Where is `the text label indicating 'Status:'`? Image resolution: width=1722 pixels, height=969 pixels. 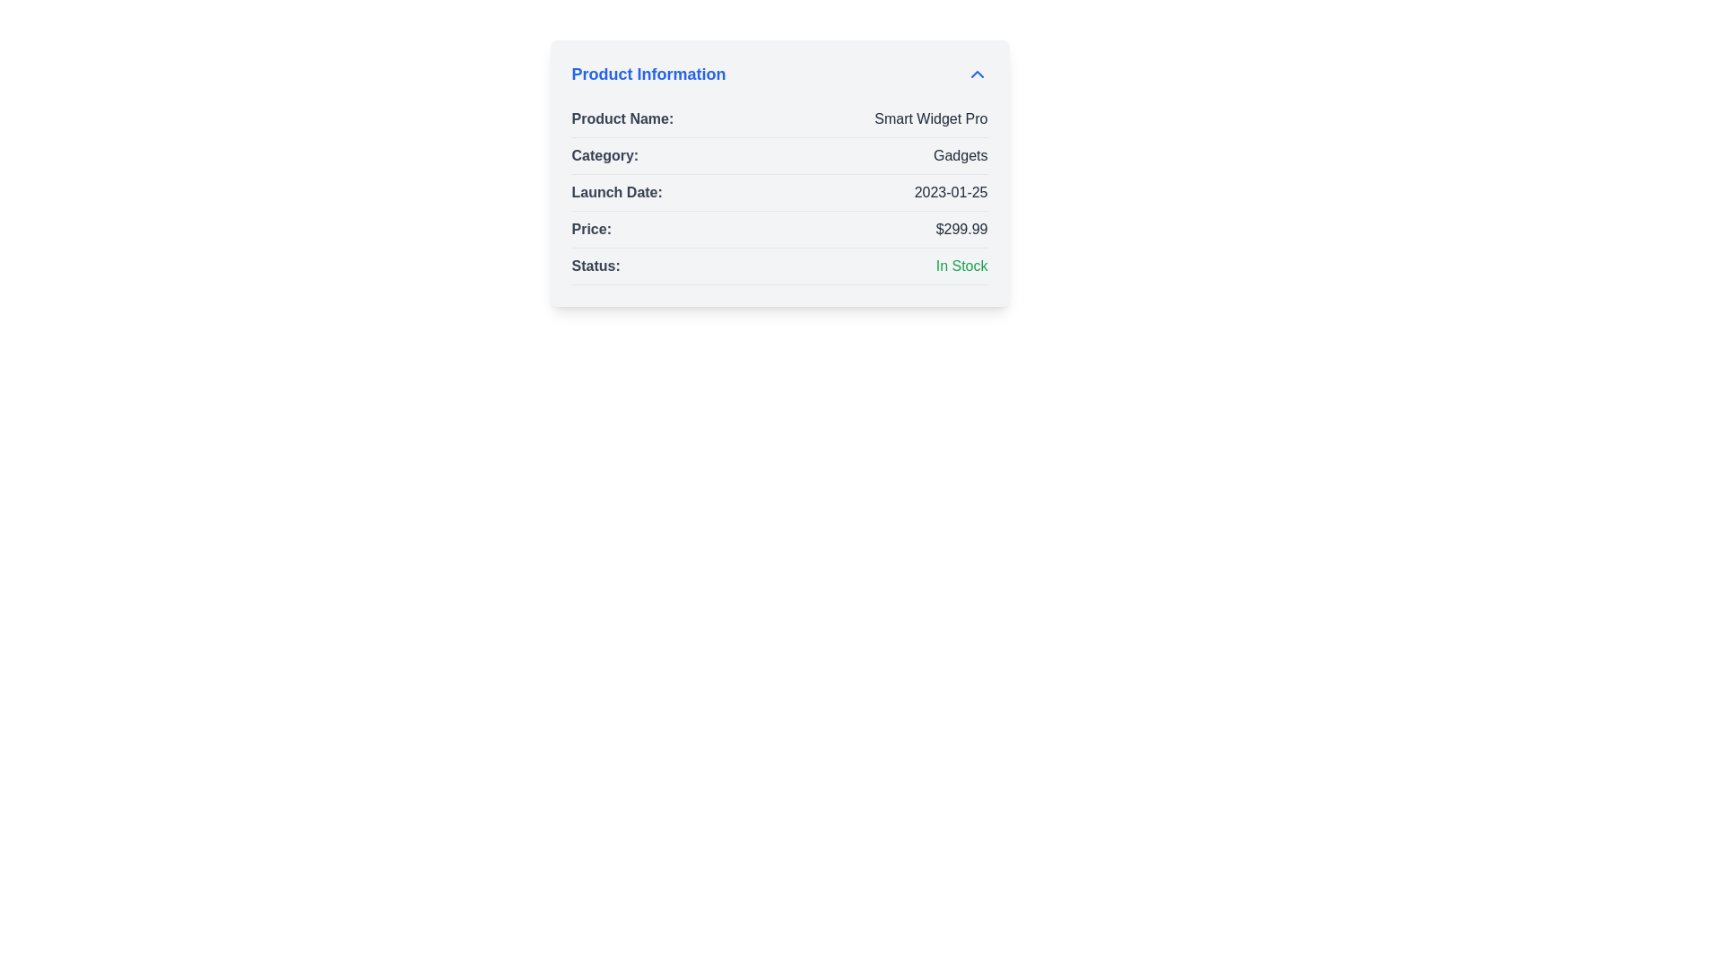 the text label indicating 'Status:' is located at coordinates (596, 266).